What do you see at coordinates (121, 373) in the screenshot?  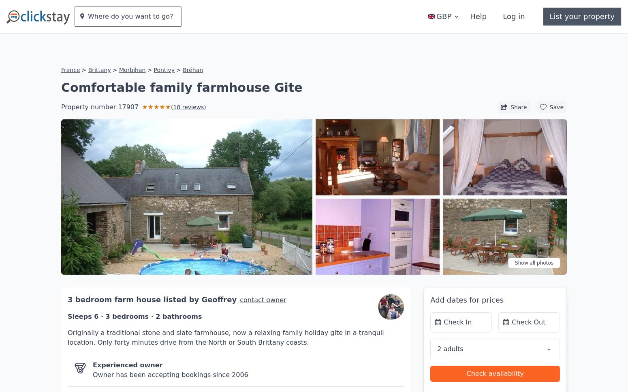 I see `'No service fees'` at bounding box center [121, 373].